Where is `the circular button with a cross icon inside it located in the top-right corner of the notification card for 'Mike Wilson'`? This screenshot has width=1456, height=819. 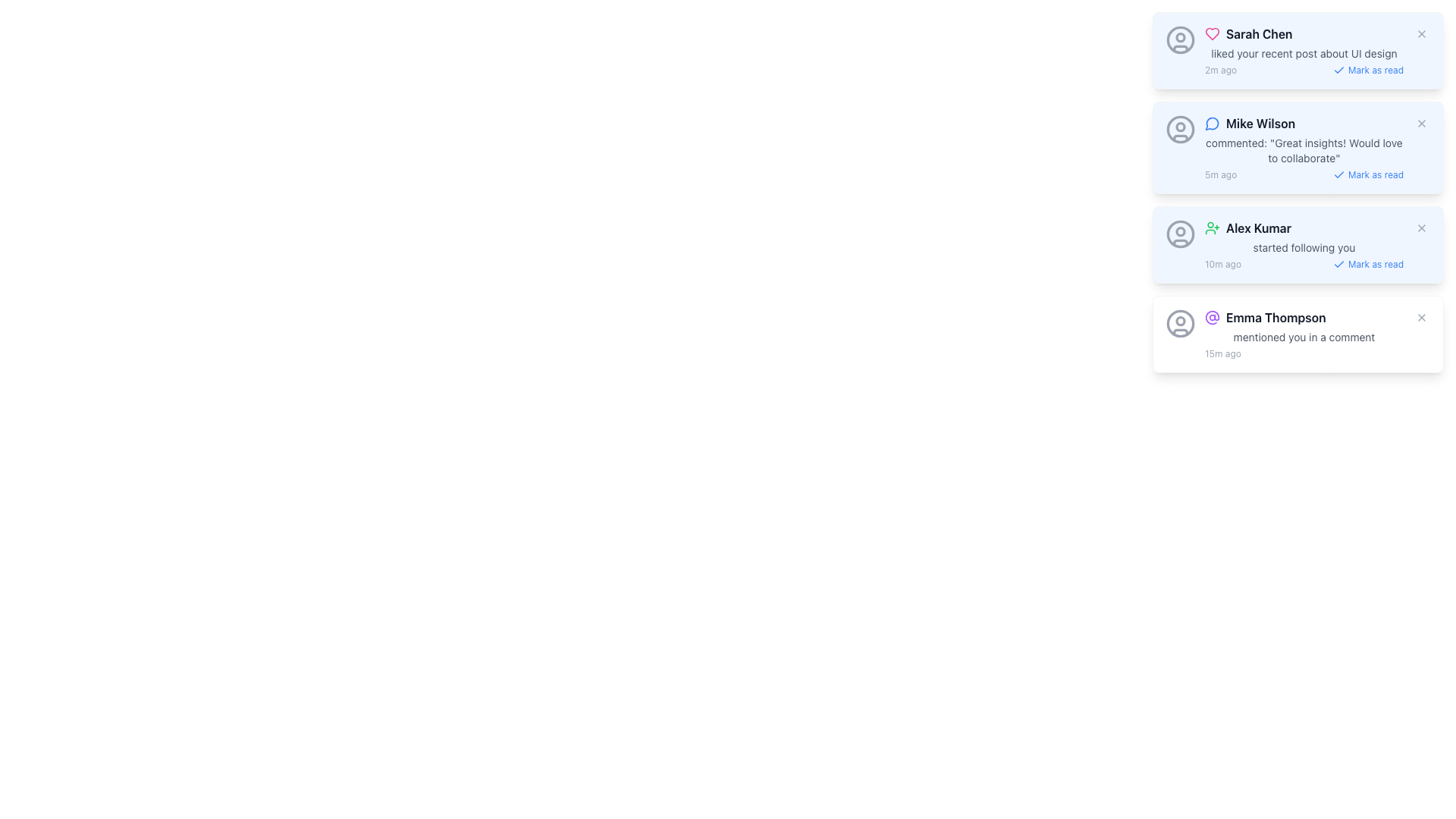
the circular button with a cross icon inside it located in the top-right corner of the notification card for 'Mike Wilson' is located at coordinates (1421, 122).